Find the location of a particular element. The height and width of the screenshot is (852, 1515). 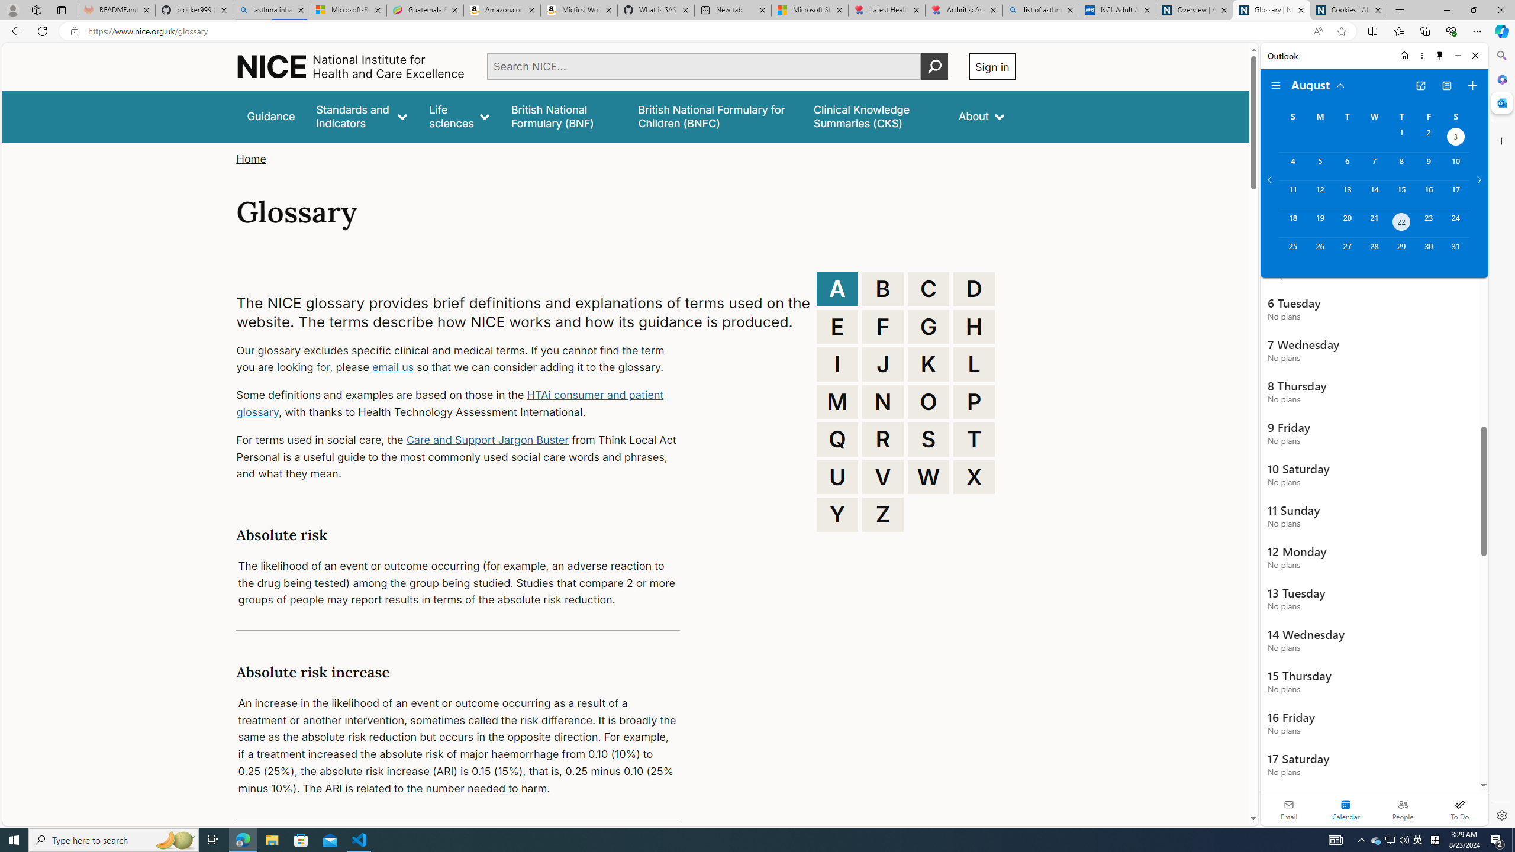

'Monday, August 12, 2024. ' is located at coordinates (1319, 195).